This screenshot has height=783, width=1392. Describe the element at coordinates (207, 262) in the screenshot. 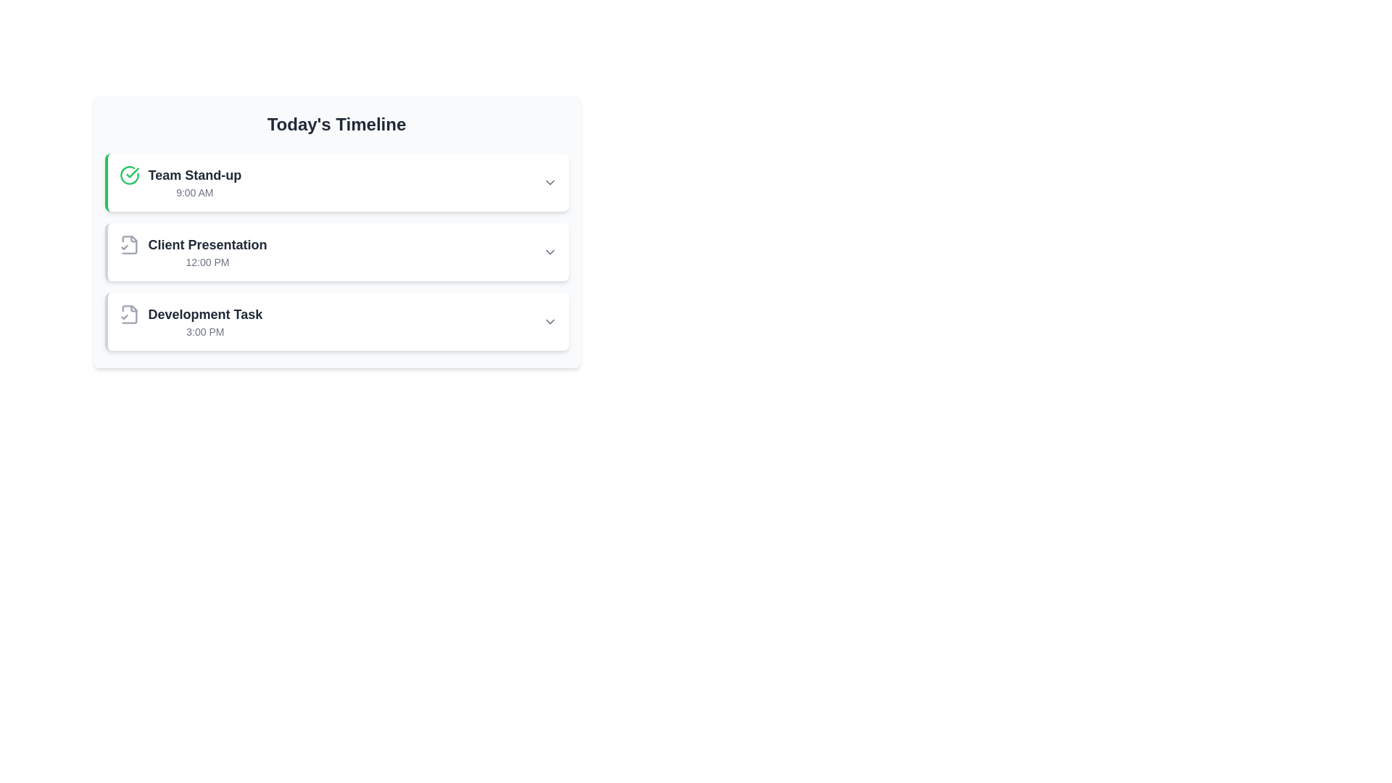

I see `the static text label indicating the scheduled time of the event titled 'Client Presentation' in the timeline interface, located below the event title in the second entry of the timeline` at that location.